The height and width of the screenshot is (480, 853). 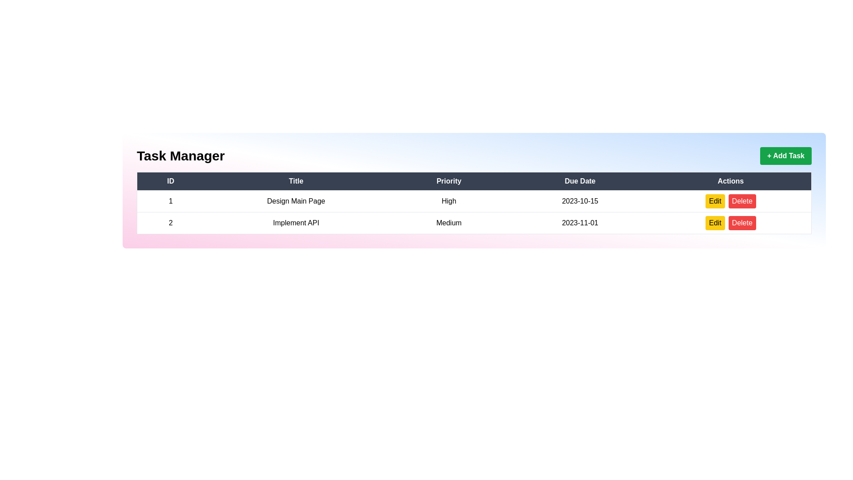 What do you see at coordinates (580, 222) in the screenshot?
I see `the 'Due Date' text label in the second row of the table, which indicates the due date for the corresponding task` at bounding box center [580, 222].